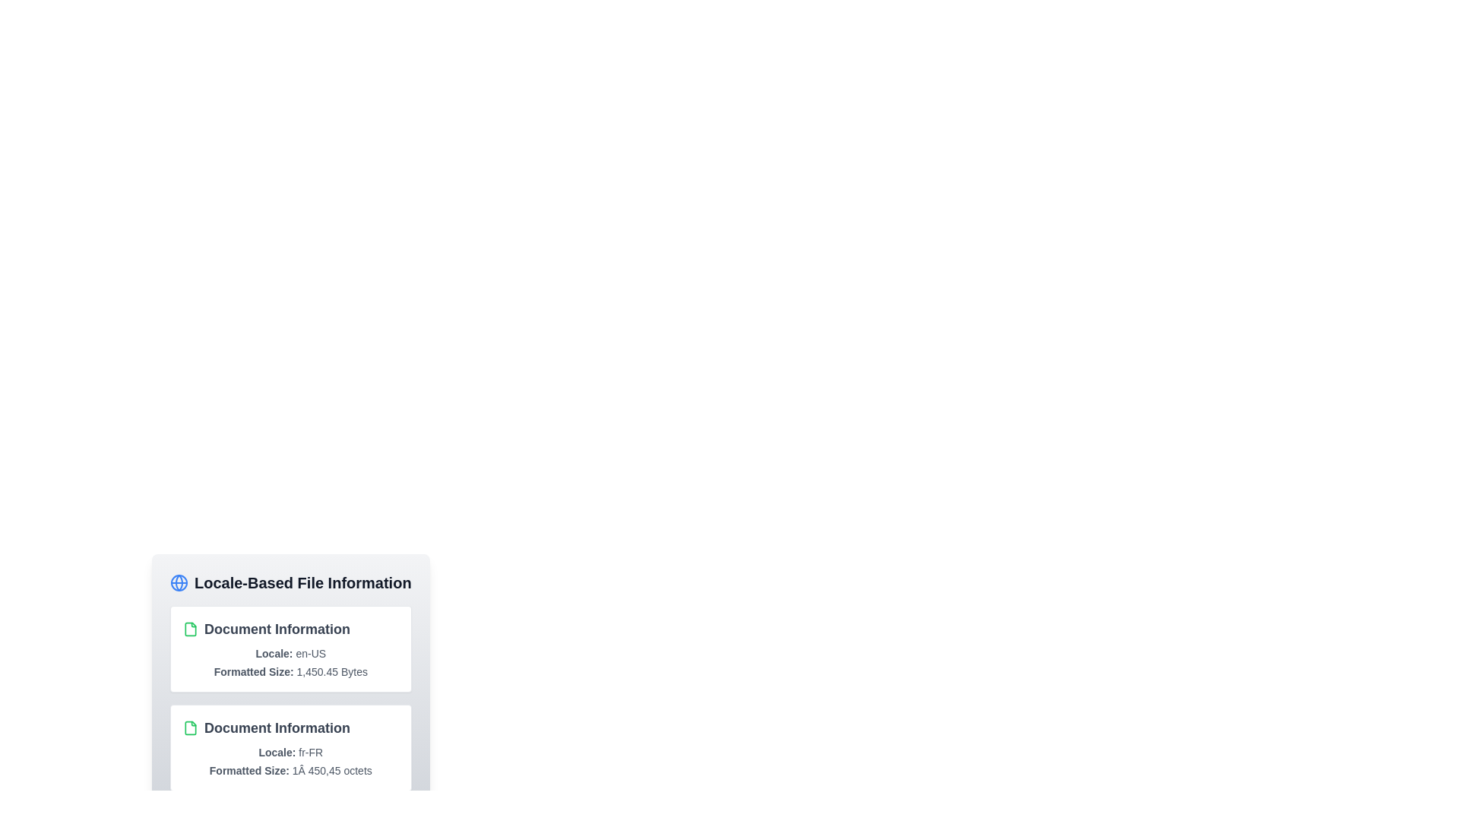 The width and height of the screenshot is (1459, 821). Describe the element at coordinates (249, 771) in the screenshot. I see `text from the 'Formatted Size:' label located in the 'Document Information' section of the 'Locale-Based File Information' panel, which is displayed in light gray color` at that location.